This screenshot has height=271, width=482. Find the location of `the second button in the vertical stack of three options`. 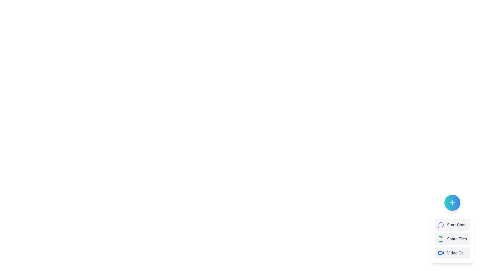

the second button in the vertical stack of three options is located at coordinates (452, 239).